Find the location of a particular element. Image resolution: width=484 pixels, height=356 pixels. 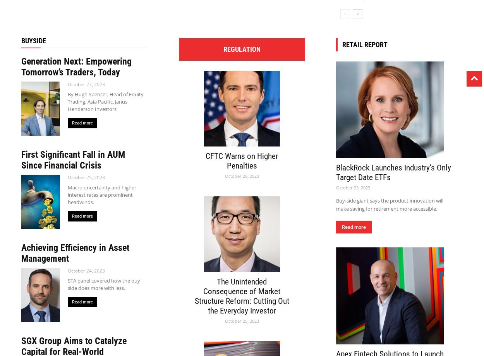

'Buy-side giant says the product innovation will make saving for retirement more accessible.' is located at coordinates (390, 204).